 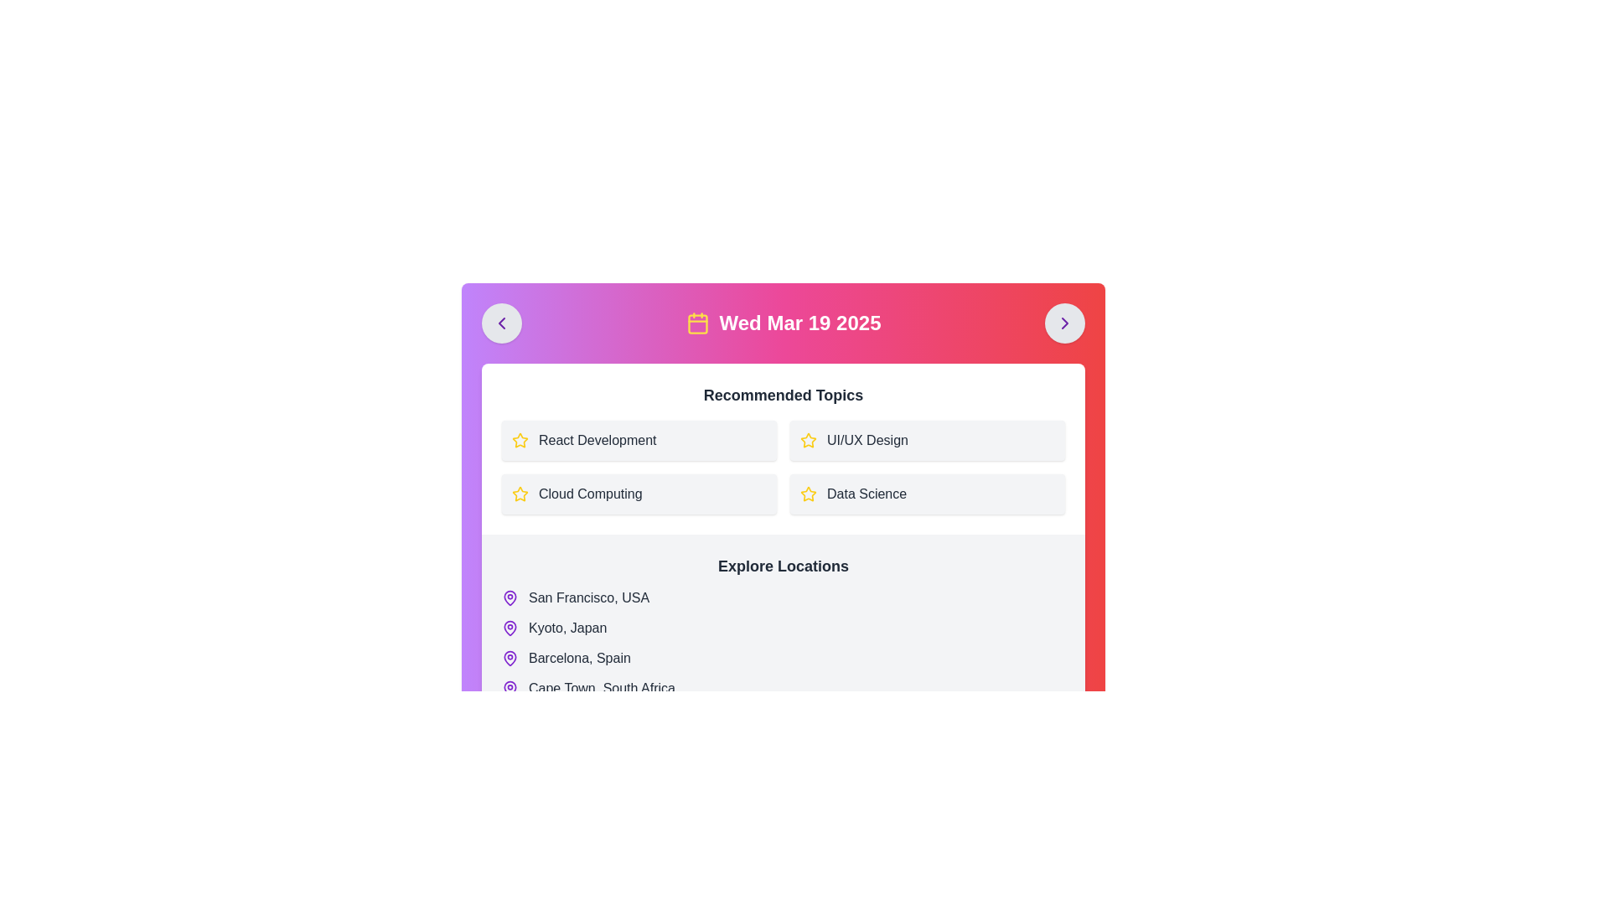 I want to click on pin-shaped icon representing Cape Town, South Africa, located in the fourth position of the 'Explore Locations' list, so click(x=510, y=688).